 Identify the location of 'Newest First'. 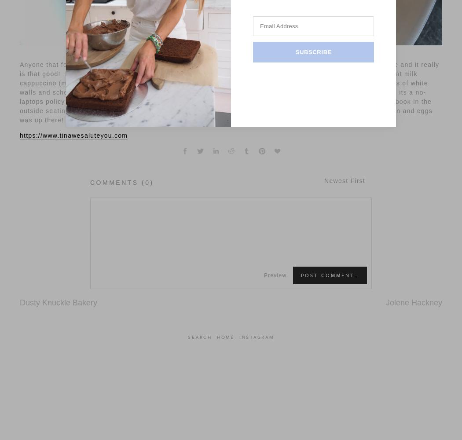
(345, 180).